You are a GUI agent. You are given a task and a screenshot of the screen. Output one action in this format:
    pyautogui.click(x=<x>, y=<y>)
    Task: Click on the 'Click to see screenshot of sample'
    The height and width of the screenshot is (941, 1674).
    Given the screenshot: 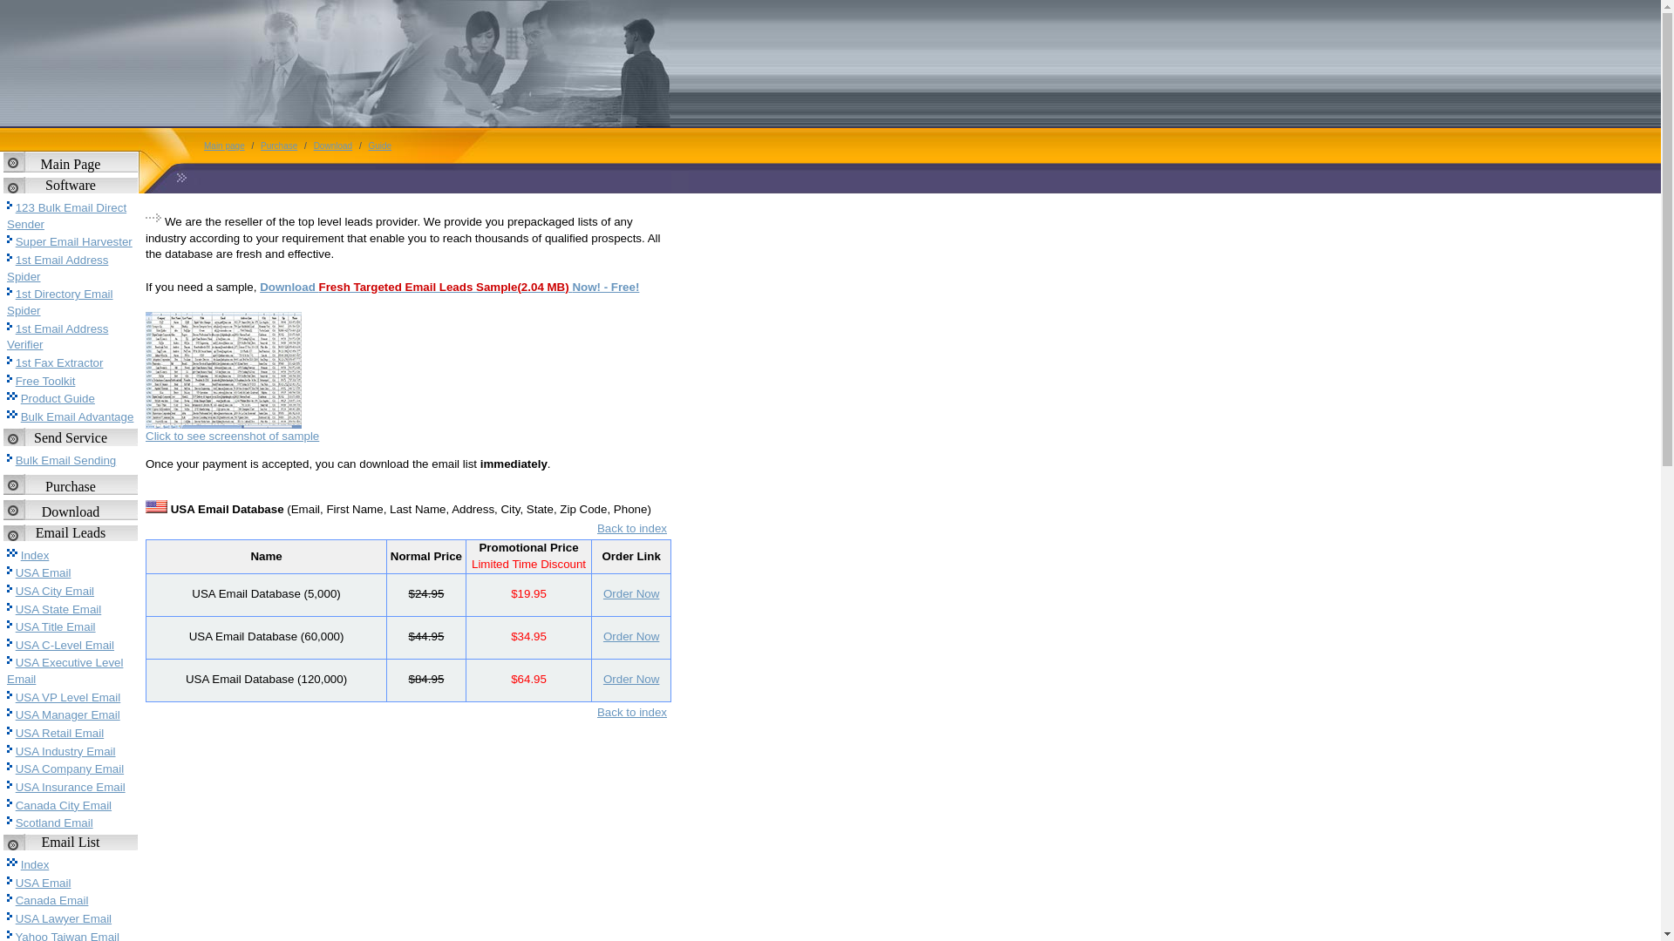 What is the action you would take?
    pyautogui.click(x=231, y=435)
    